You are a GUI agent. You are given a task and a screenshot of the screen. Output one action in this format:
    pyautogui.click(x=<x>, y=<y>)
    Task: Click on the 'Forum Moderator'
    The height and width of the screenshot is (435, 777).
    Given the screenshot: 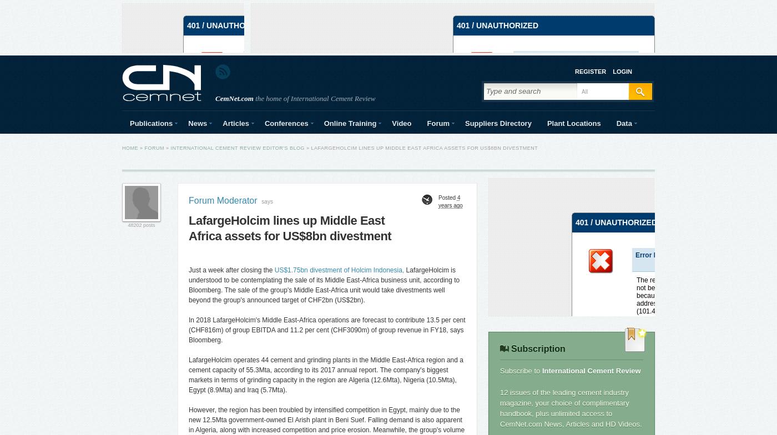 What is the action you would take?
    pyautogui.click(x=223, y=200)
    